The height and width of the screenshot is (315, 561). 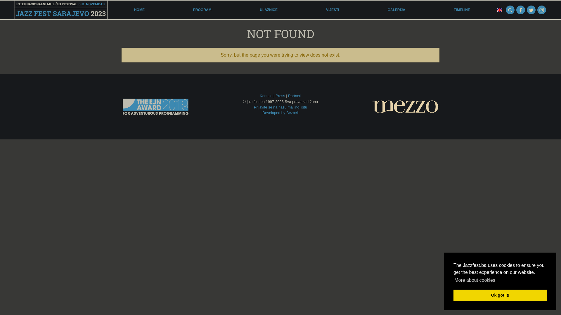 I want to click on 'VIJESTI', so click(x=323, y=10).